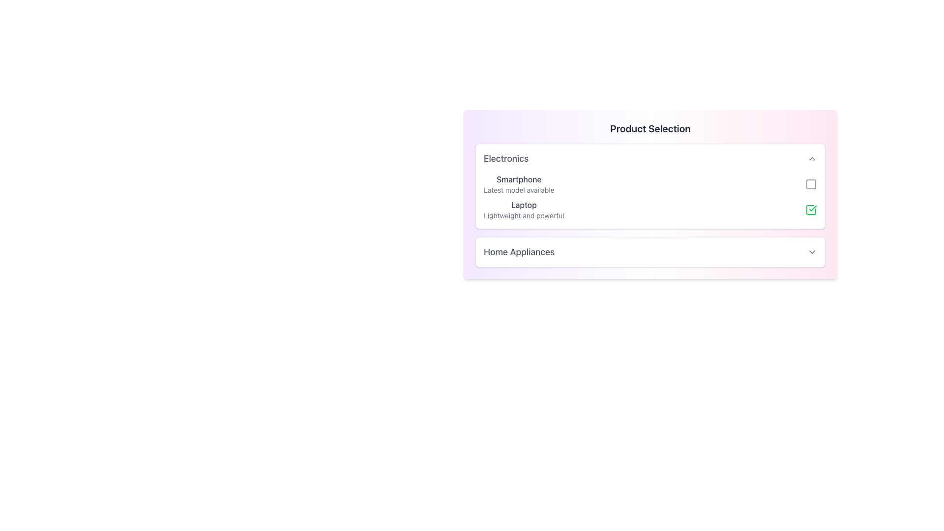 The width and height of the screenshot is (944, 531). Describe the element at coordinates (523, 209) in the screenshot. I see `the 'Laptop' text block which describes it as 'Lightweight and powerful' in the 'Electronics' category of the 'Product Selection' section` at that location.